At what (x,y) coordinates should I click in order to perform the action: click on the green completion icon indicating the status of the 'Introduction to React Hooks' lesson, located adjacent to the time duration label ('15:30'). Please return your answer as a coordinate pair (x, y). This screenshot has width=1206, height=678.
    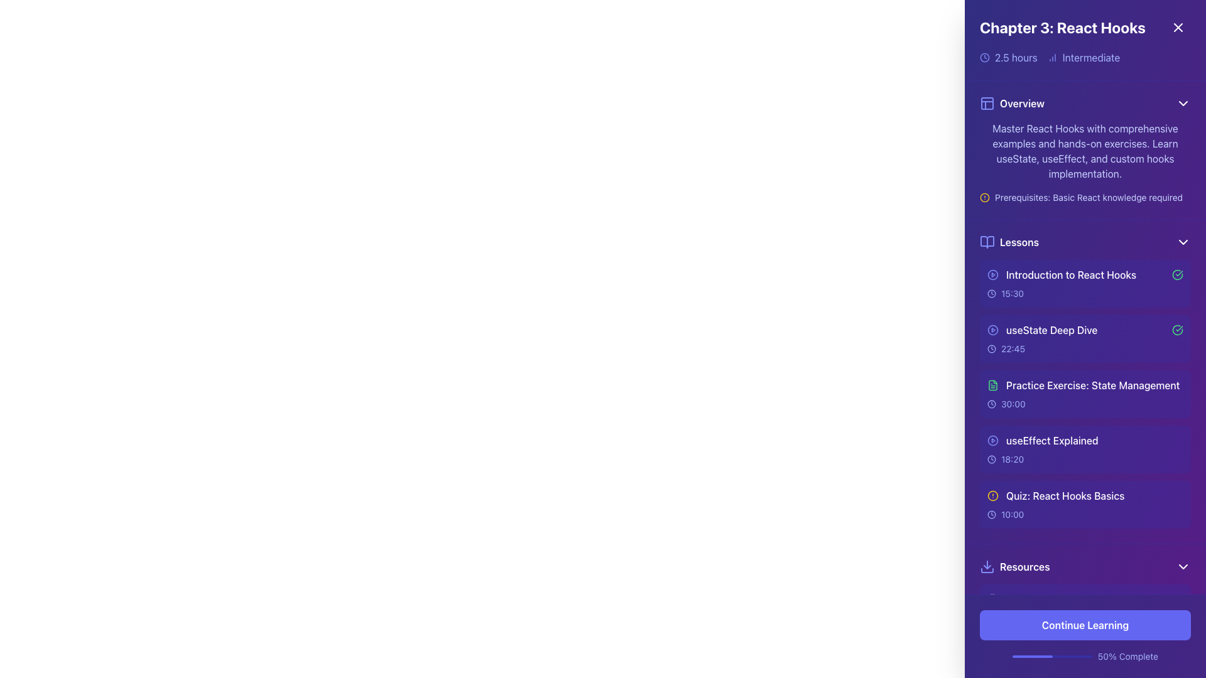
    Looking at the image, I should click on (1177, 274).